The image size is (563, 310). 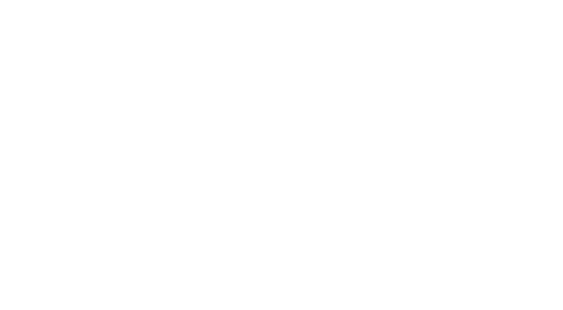 What do you see at coordinates (193, 166) in the screenshot?
I see `'If you know an application of this package, send a message to the'` at bounding box center [193, 166].